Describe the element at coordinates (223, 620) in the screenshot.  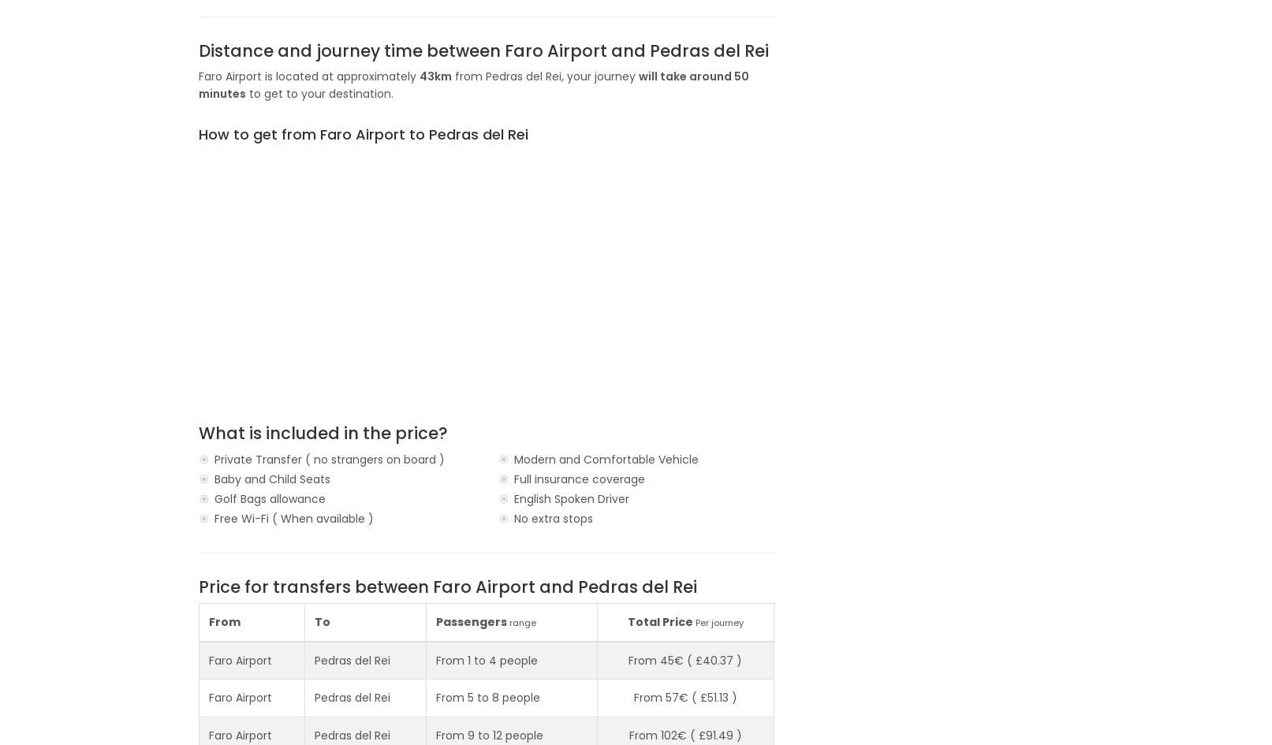
I see `'From'` at that location.